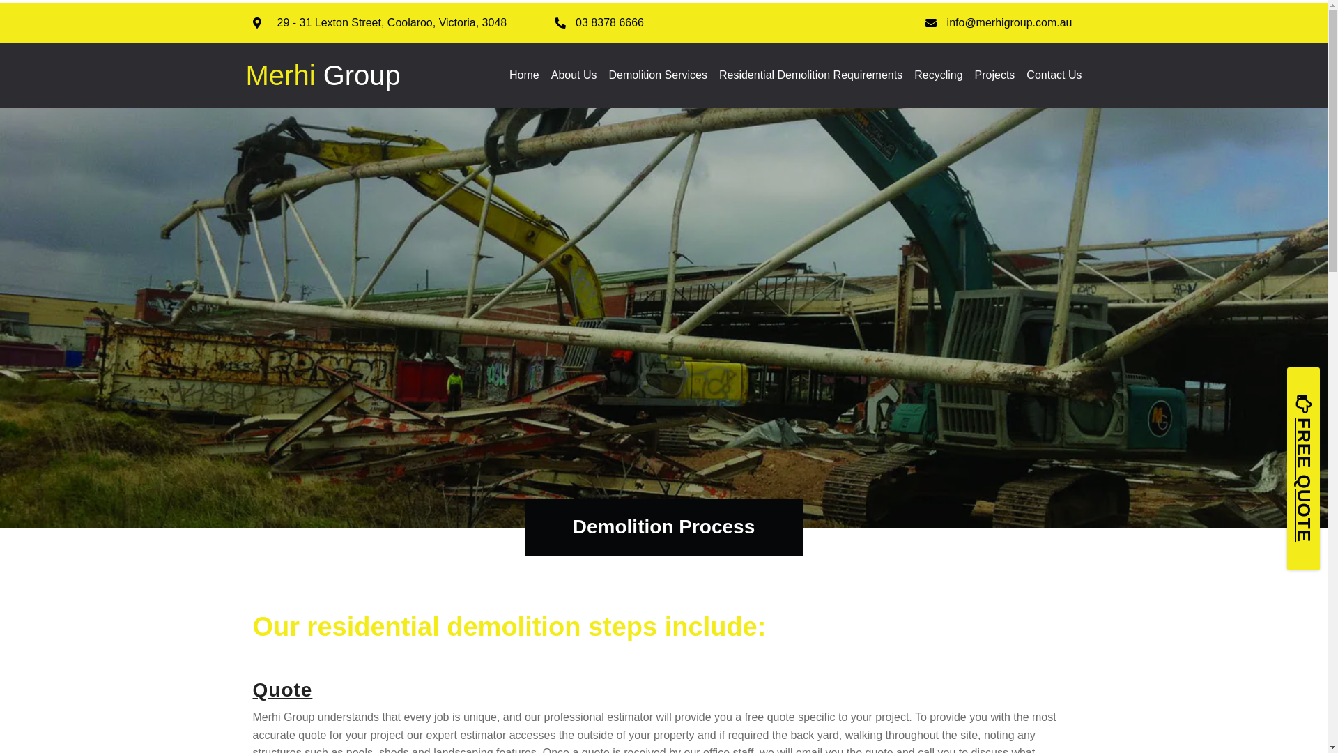 This screenshot has height=753, width=1338. What do you see at coordinates (551, 75) in the screenshot?
I see `'About Us'` at bounding box center [551, 75].